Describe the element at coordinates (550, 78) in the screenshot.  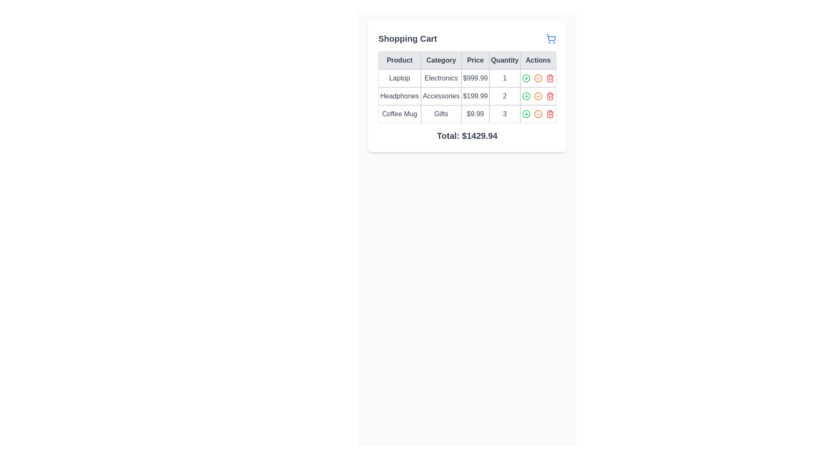
I see `the delete icon button located in the 'Actions' column of the first row in the shopping cart table` at that location.